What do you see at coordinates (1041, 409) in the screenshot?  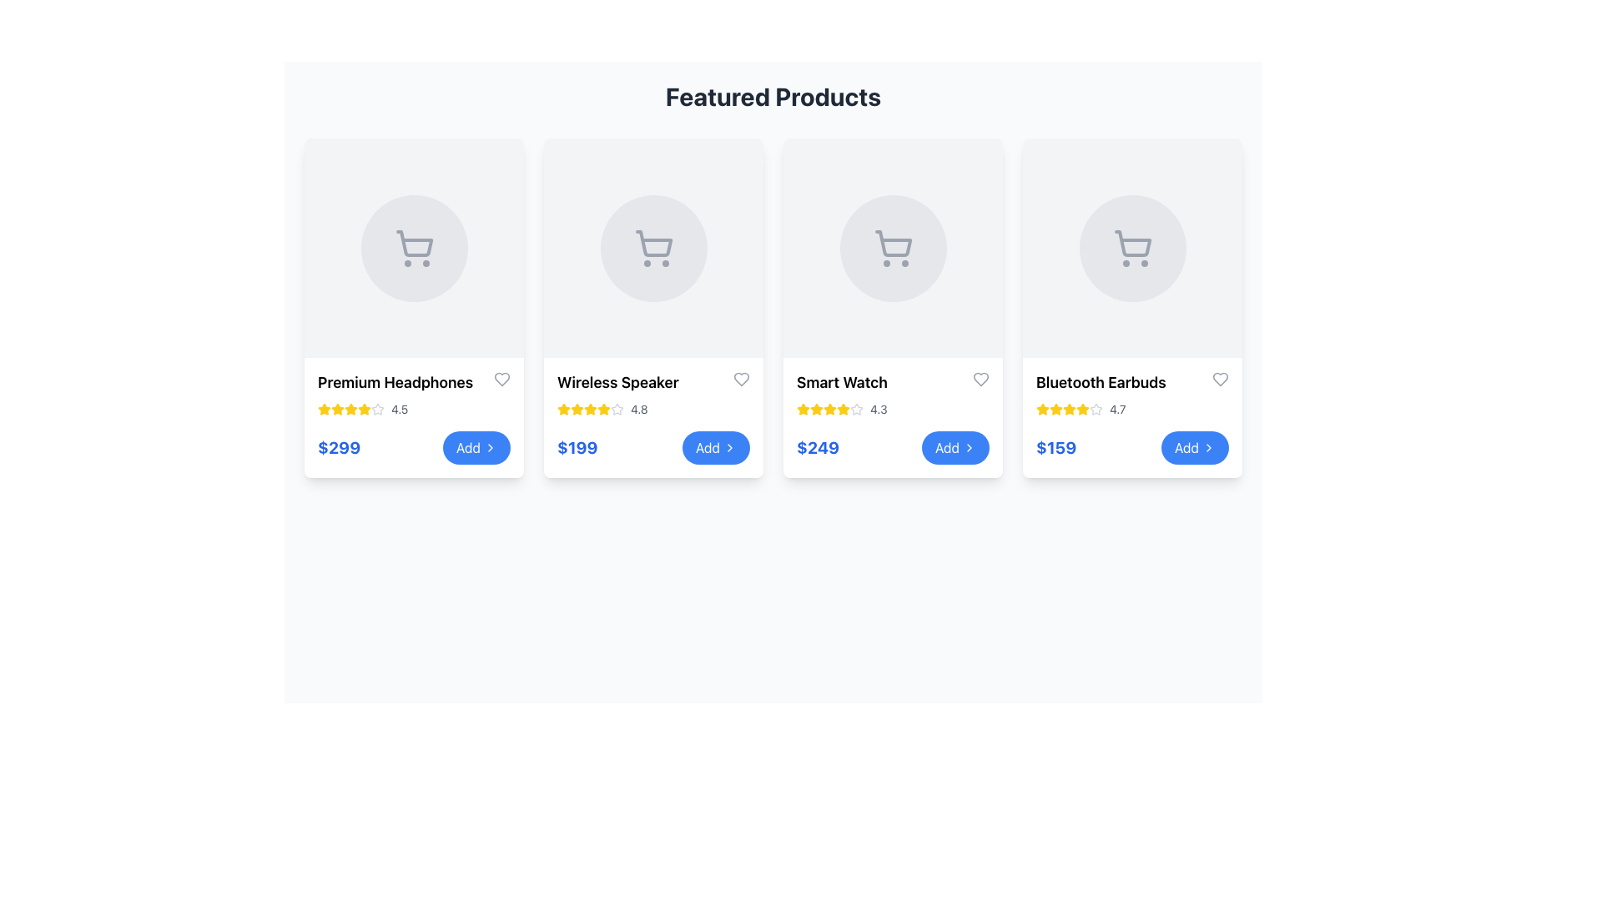 I see `the fourth star icon in the rating section of the Bluetooth Earbuds product card` at bounding box center [1041, 409].